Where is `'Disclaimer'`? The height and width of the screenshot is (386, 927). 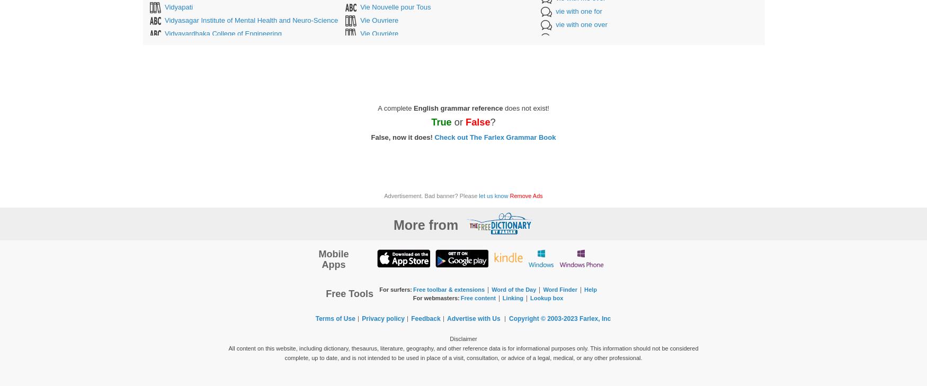 'Disclaimer' is located at coordinates (449, 338).